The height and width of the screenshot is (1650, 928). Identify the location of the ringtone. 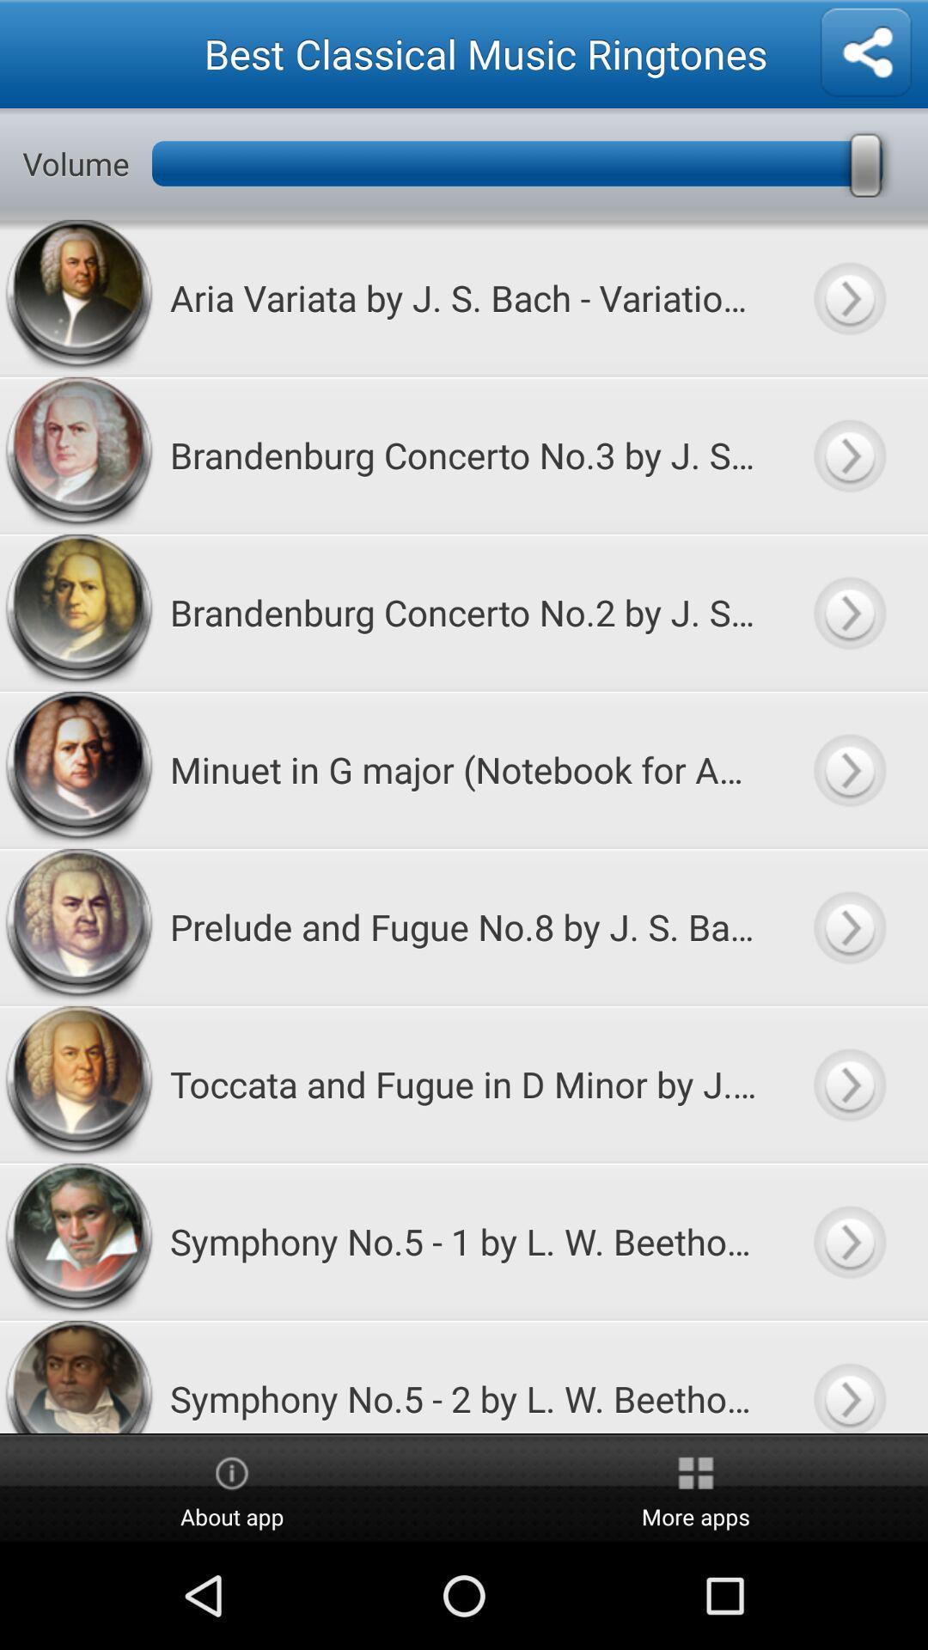
(848, 768).